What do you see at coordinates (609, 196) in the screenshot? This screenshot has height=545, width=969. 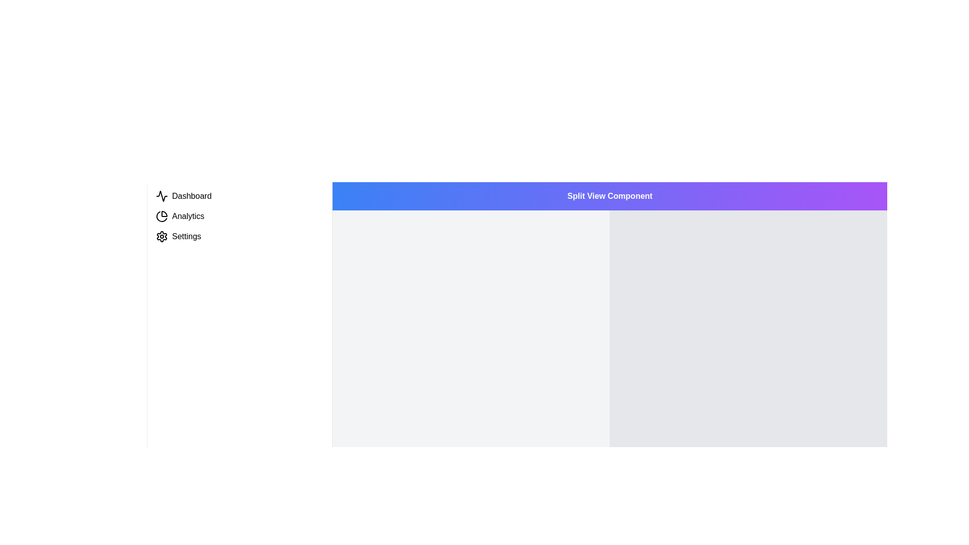 I see `the Static Text Header with the text 'Split View Component' displayed in white, bold typography on a gradient background transitioning from blue to purple` at bounding box center [609, 196].